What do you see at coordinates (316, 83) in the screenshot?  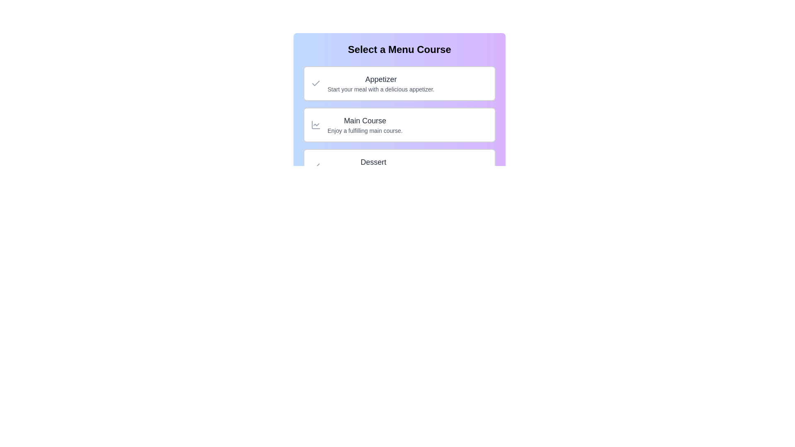 I see `the visual change of the checkmark icon located to the left of the 'Appetizer' menu item, which has a rounded gray stroke` at bounding box center [316, 83].